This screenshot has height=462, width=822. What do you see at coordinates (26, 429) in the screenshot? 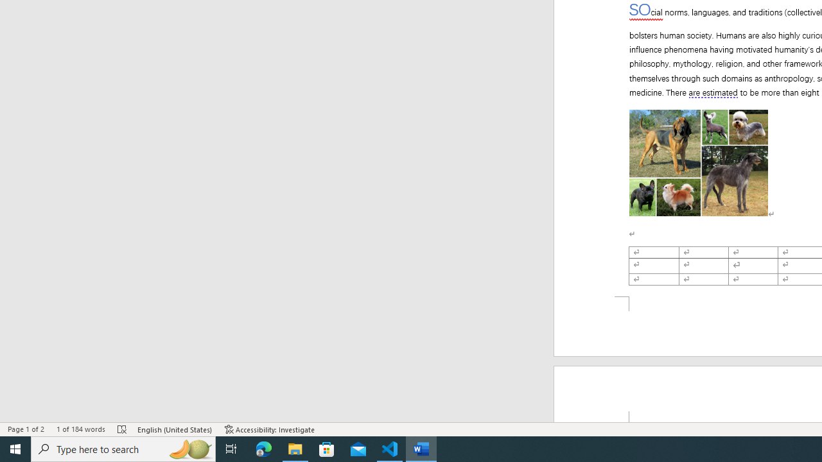
I see `'Page Number Page 1 of 2'` at bounding box center [26, 429].